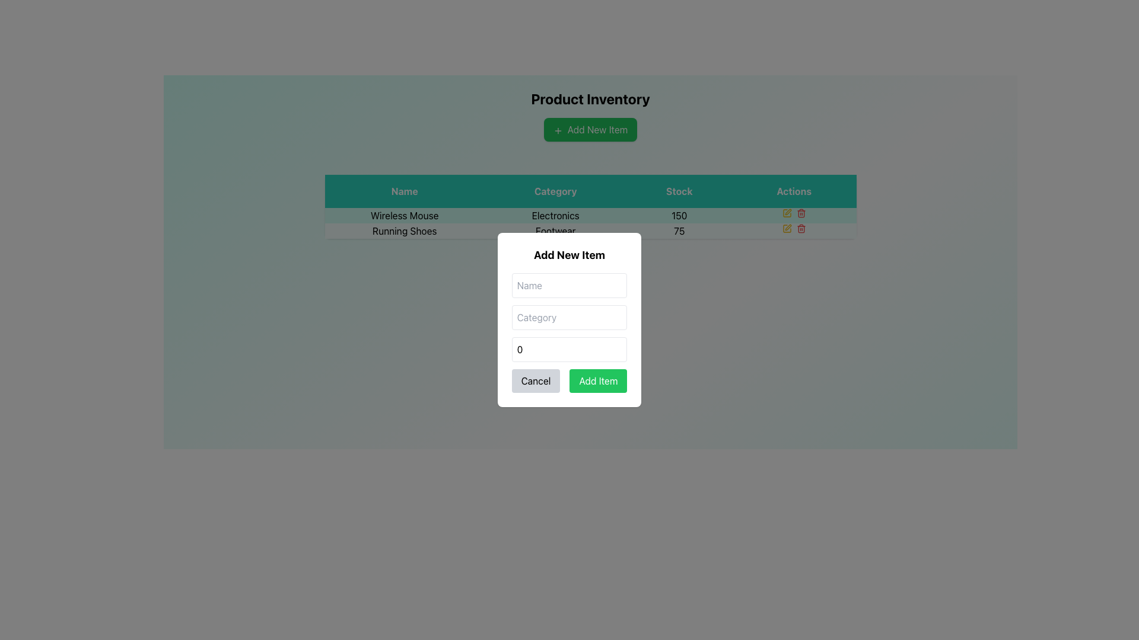  Describe the element at coordinates (788, 212) in the screenshot. I see `the pen icon button in the 'Actions' column of the data table for the item 'Wireless Mouse' to initiate an edit action` at that location.